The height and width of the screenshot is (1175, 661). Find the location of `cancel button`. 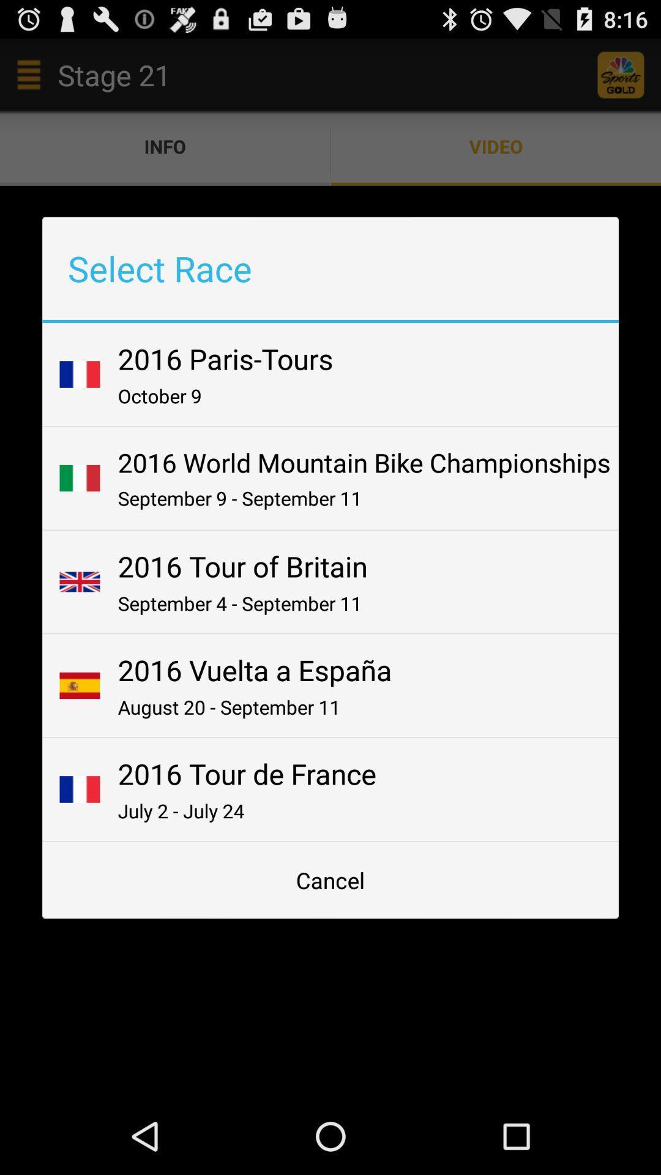

cancel button is located at coordinates (330, 879).